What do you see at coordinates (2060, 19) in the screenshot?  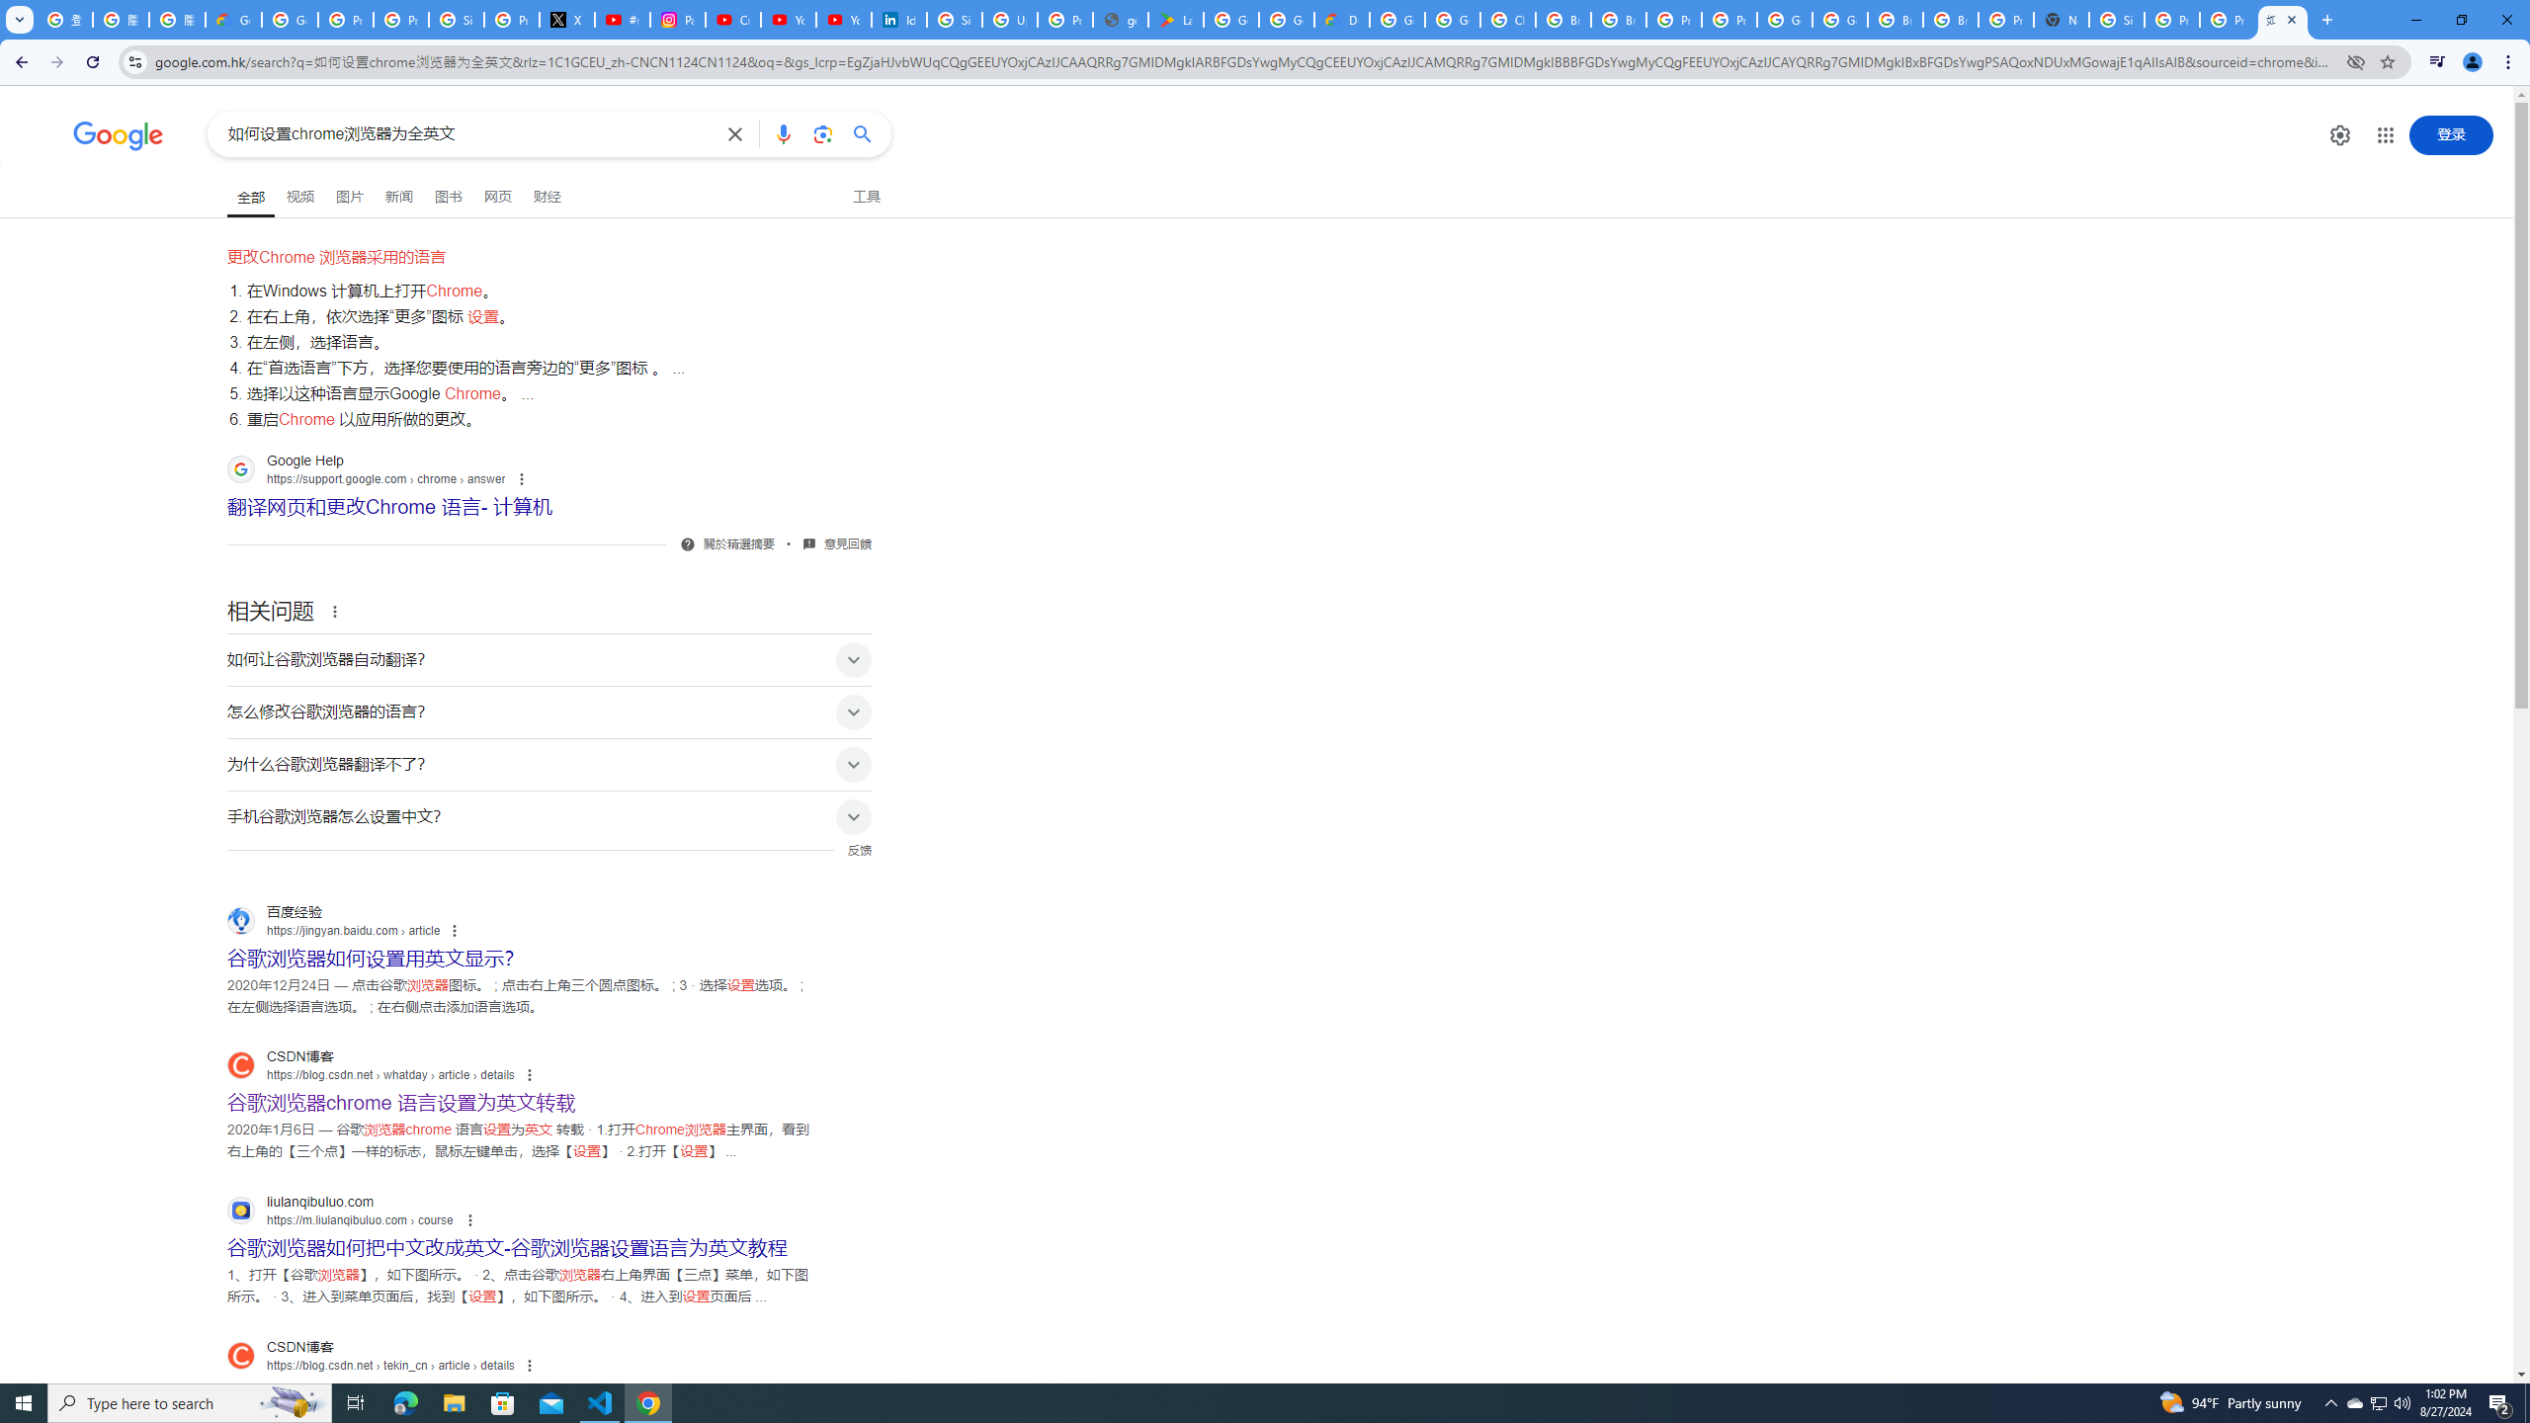 I see `'New Tab'` at bounding box center [2060, 19].